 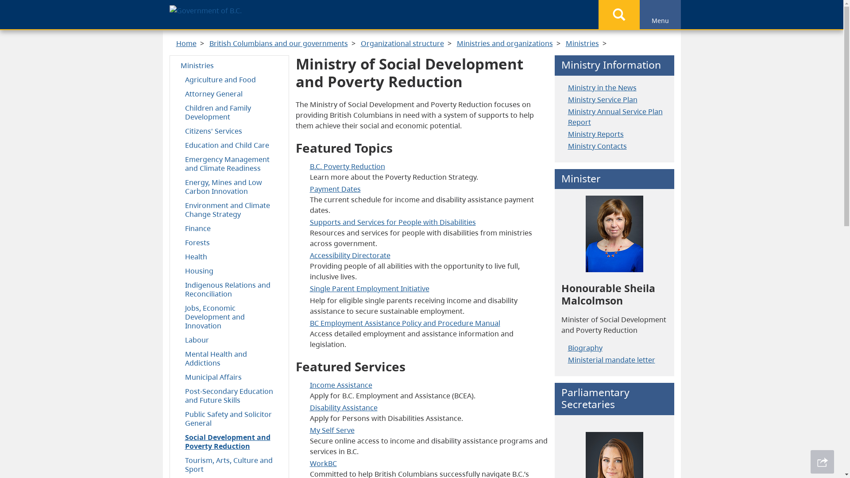 I want to click on 'Energy, Mines and Low Carbon Innovation', so click(x=229, y=185).